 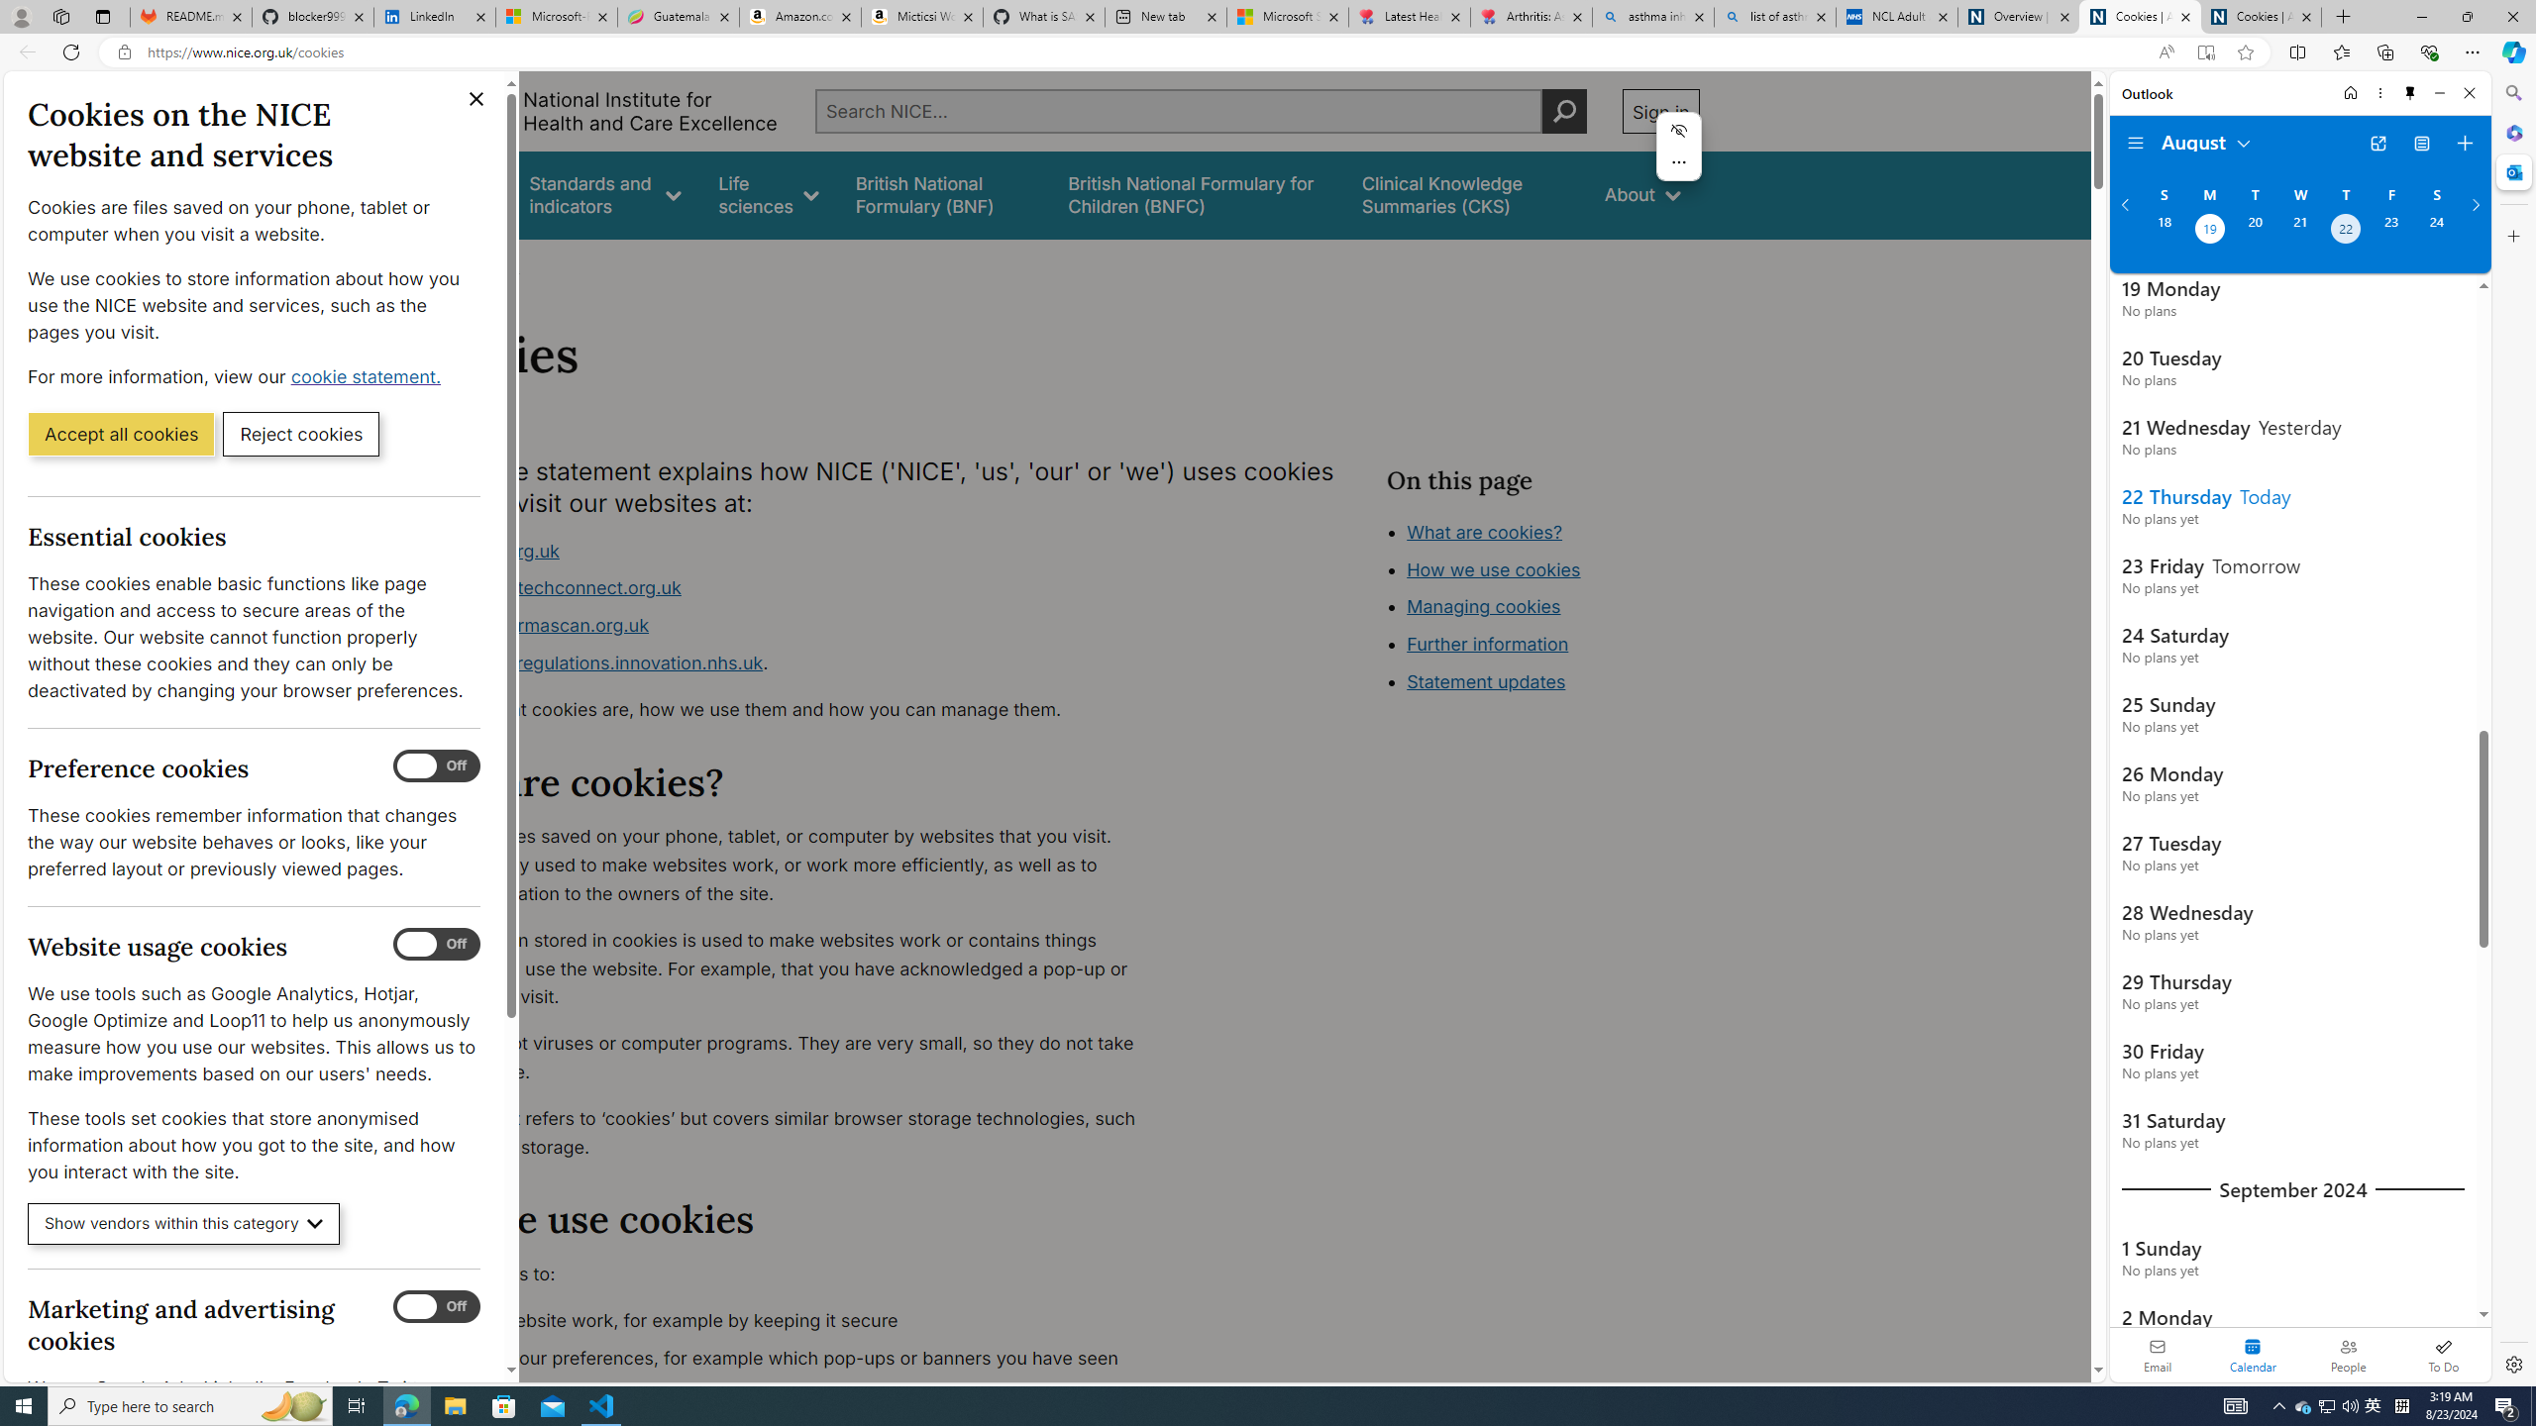 I want to click on 'false', so click(x=1465, y=194).